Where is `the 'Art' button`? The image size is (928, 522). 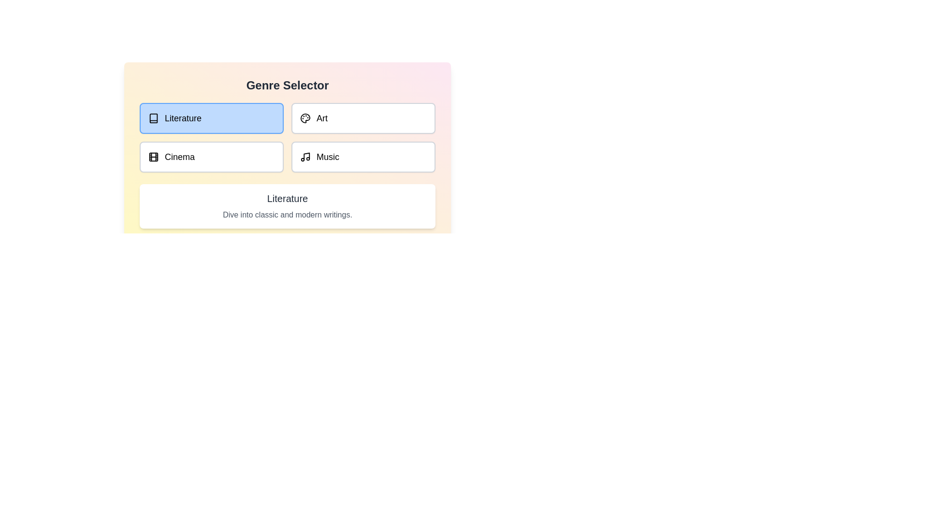
the 'Art' button is located at coordinates (305, 118).